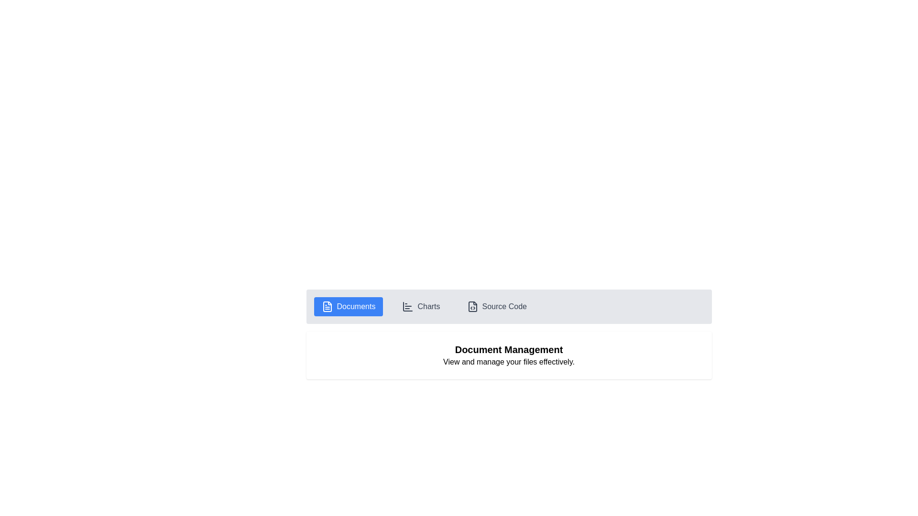 The height and width of the screenshot is (516, 918). What do you see at coordinates (508, 350) in the screenshot?
I see `the static text label that serves as a heading, located above the smaller text 'View and manage your files effectively'` at bounding box center [508, 350].